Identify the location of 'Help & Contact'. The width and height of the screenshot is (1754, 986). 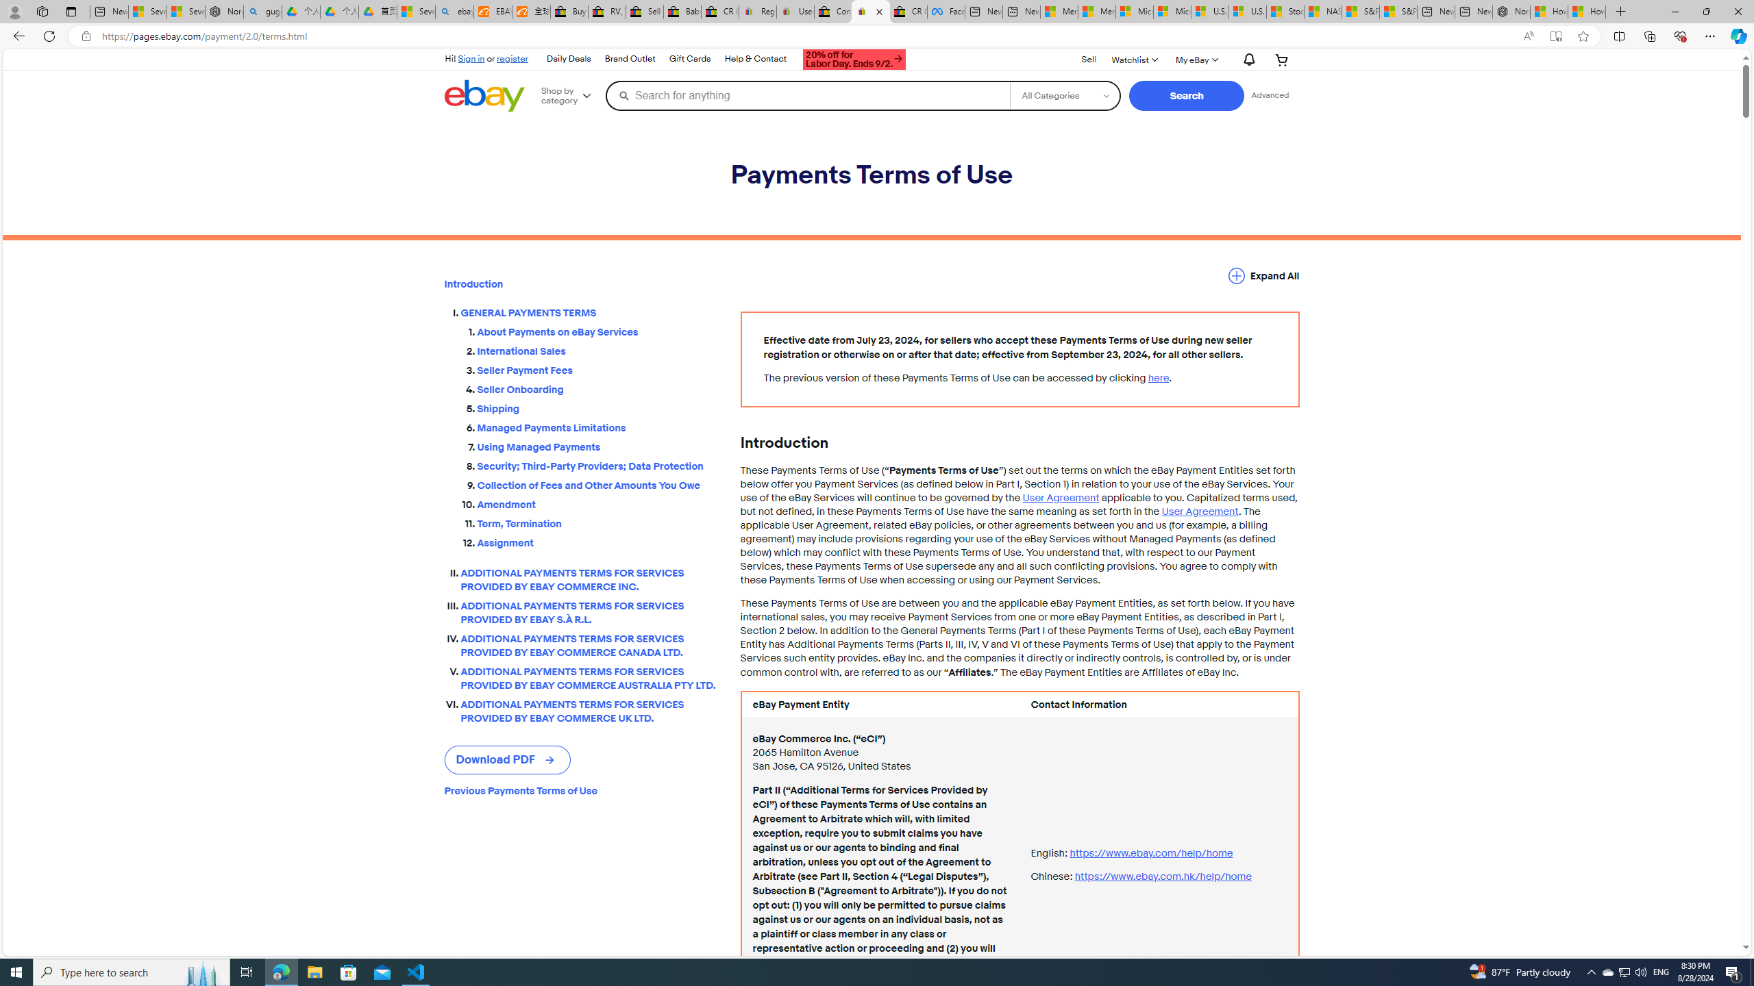
(755, 60).